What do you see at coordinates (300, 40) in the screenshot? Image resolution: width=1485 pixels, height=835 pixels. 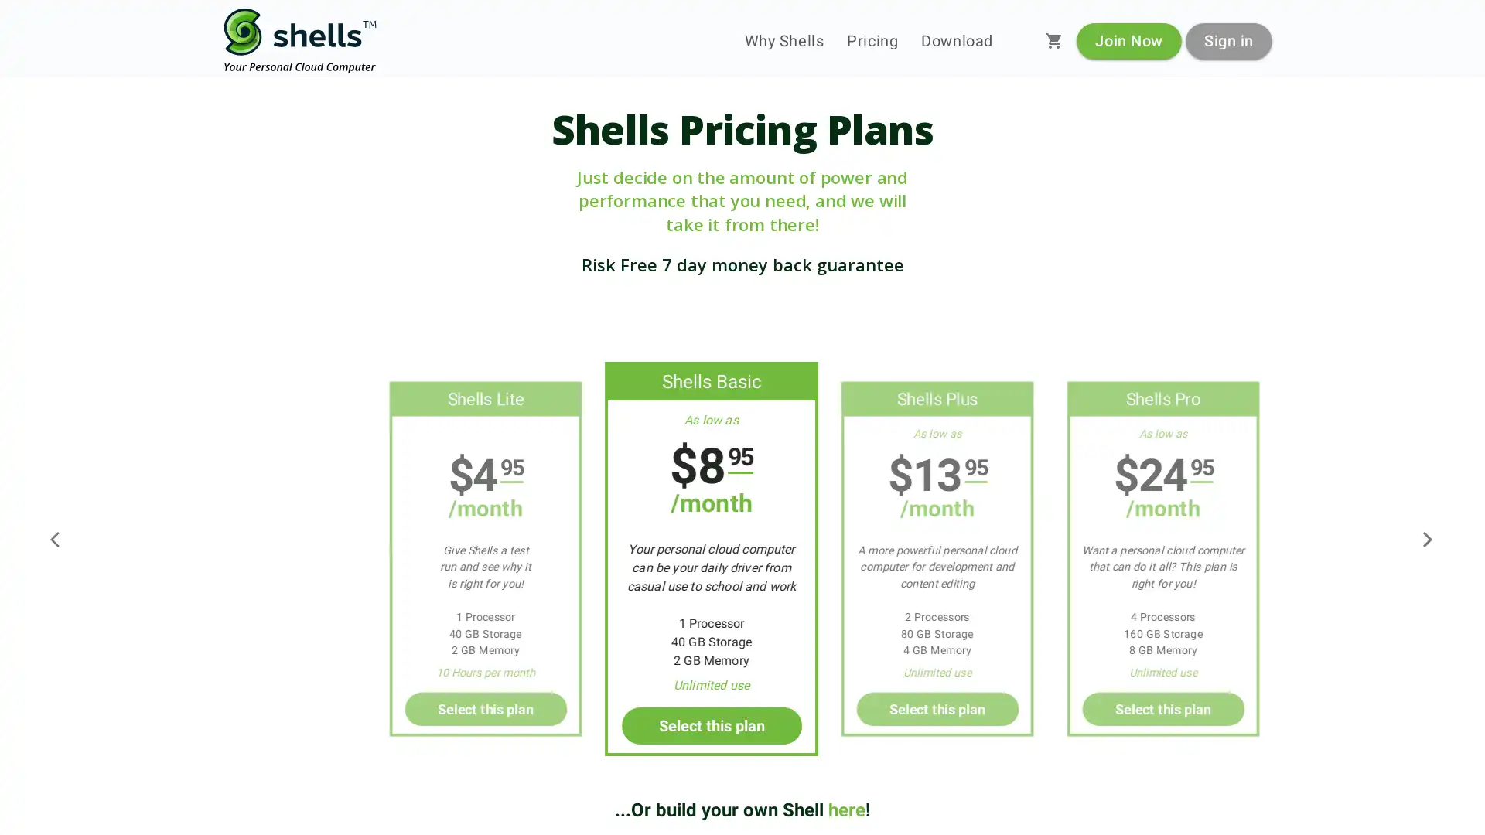 I see `Shells Logo` at bounding box center [300, 40].